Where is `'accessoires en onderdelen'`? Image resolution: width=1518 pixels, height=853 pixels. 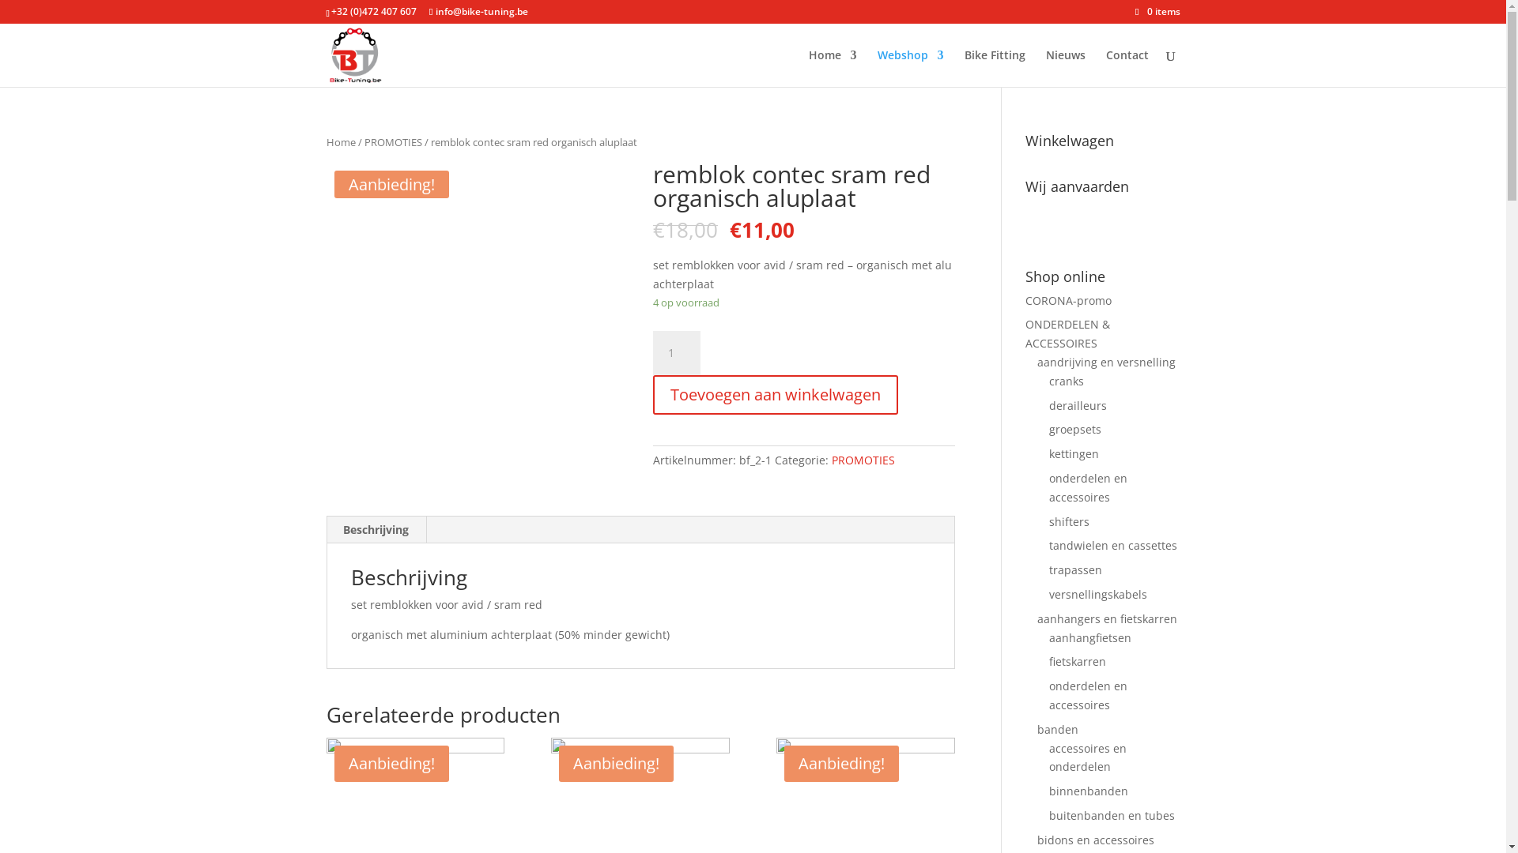 'accessoires en onderdelen' is located at coordinates (1087, 757).